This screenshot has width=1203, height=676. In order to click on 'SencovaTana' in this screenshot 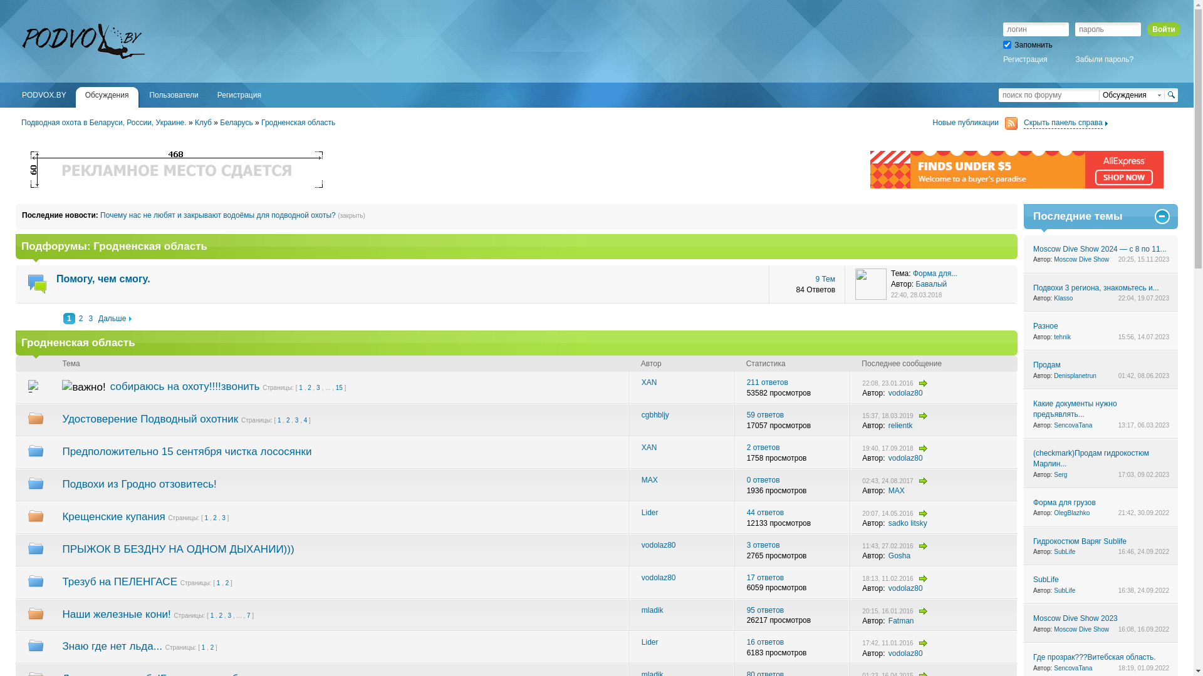, I will do `click(1072, 424)`.